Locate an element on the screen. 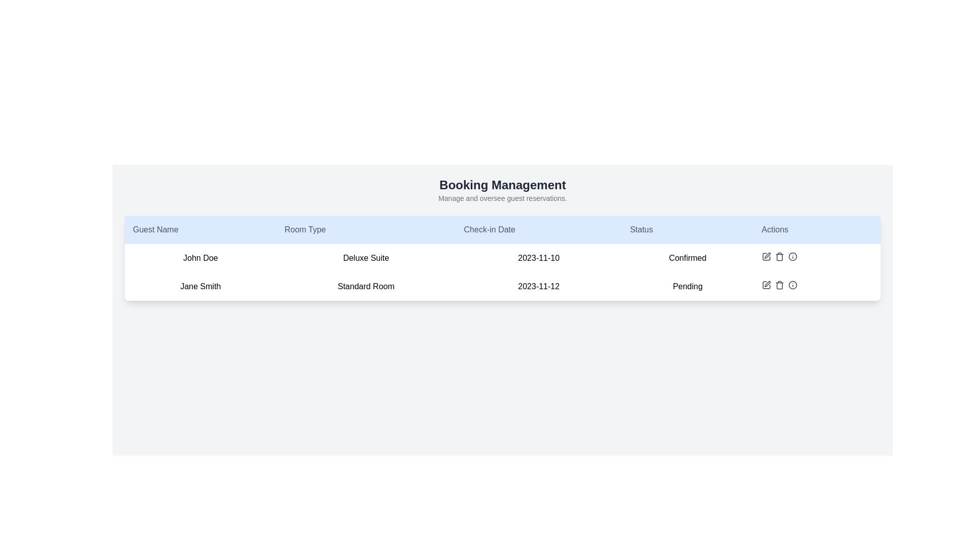  the pen icon button in the 'Actions' column of the second row of the table is located at coordinates (767, 284).